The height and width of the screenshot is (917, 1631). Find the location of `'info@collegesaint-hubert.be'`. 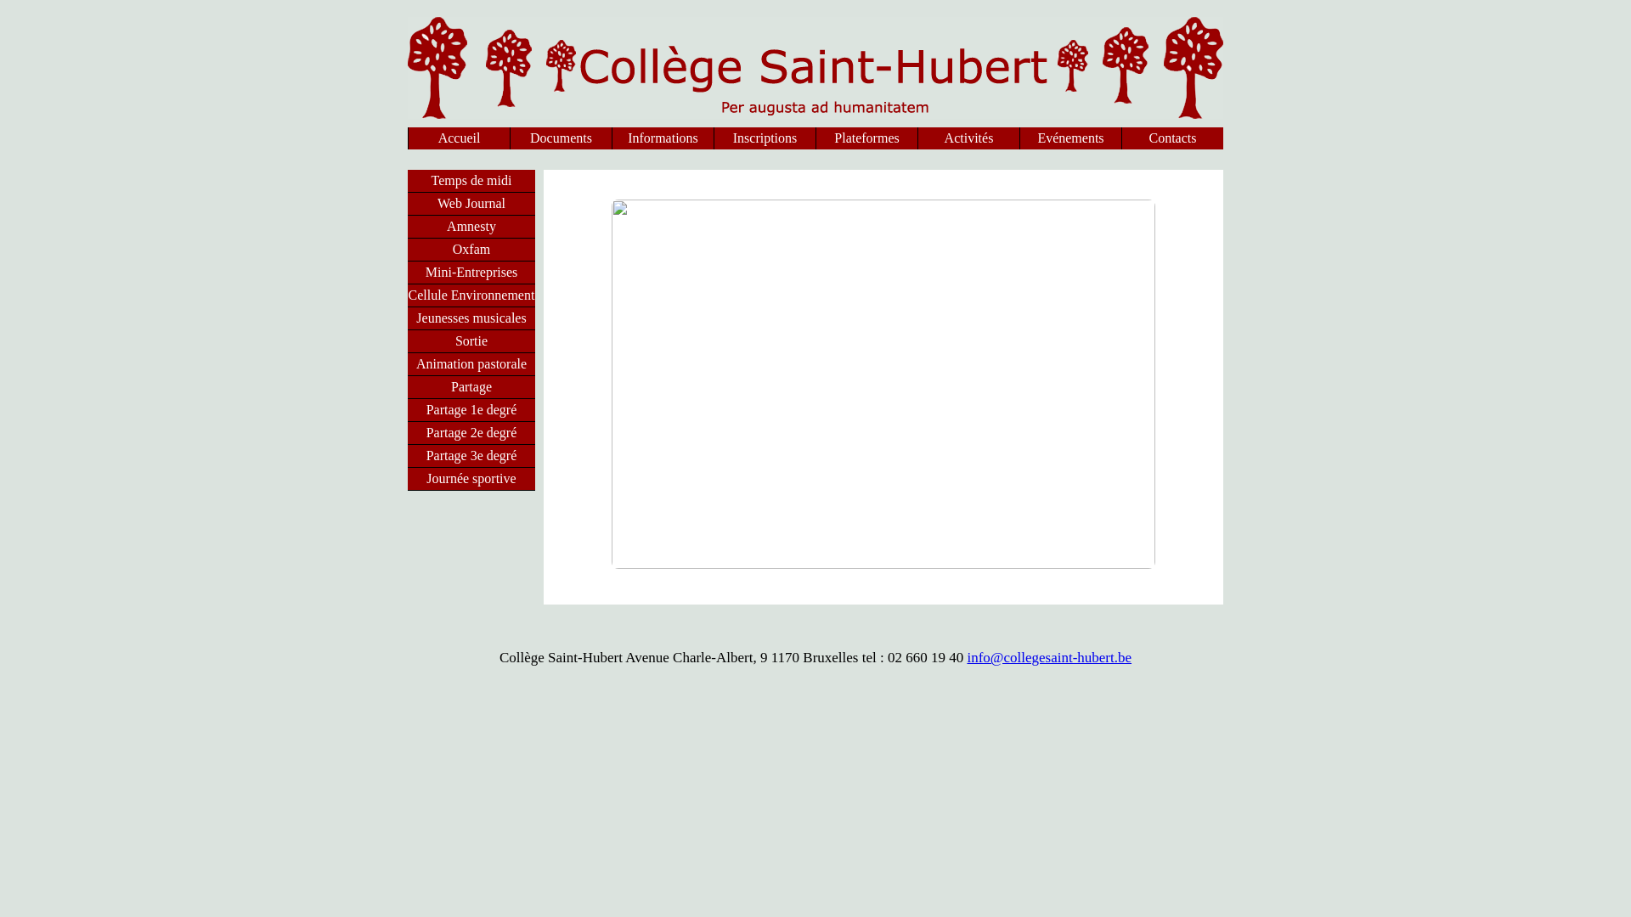

'info@collegesaint-hubert.be' is located at coordinates (966, 656).